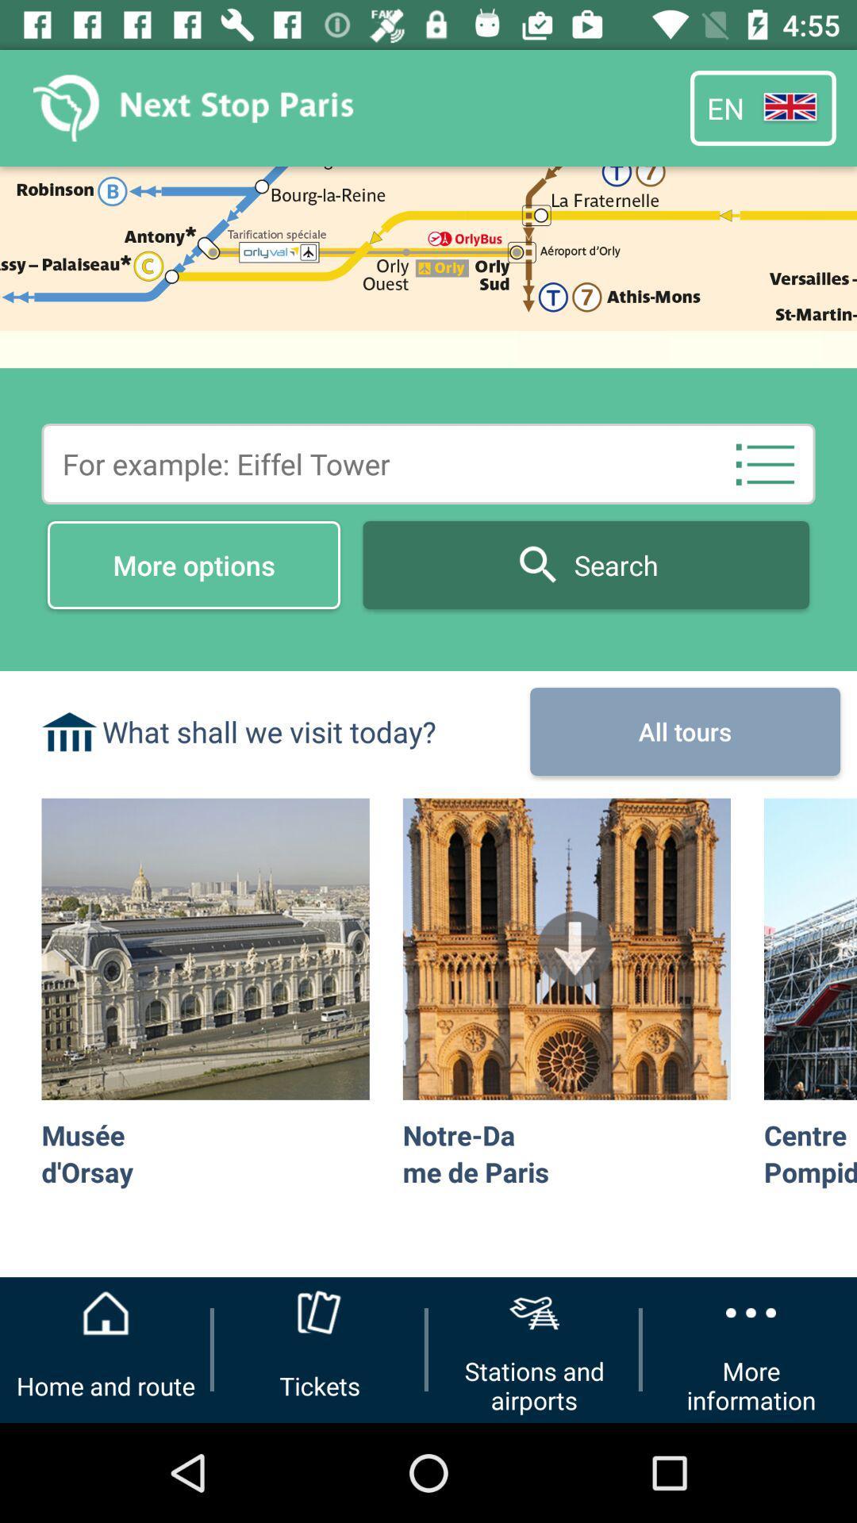  Describe the element at coordinates (193, 565) in the screenshot. I see `item above the what shall we item` at that location.